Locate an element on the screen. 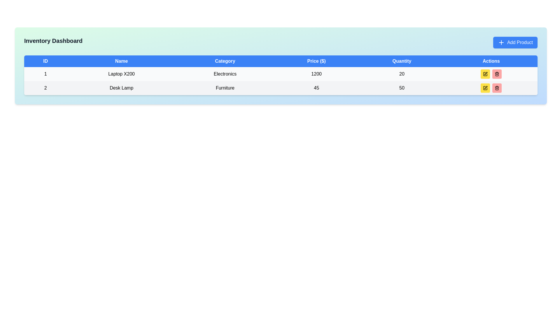 The width and height of the screenshot is (560, 315). the edit button located in the 'Actions' column of the second row in the table is located at coordinates (486, 73).